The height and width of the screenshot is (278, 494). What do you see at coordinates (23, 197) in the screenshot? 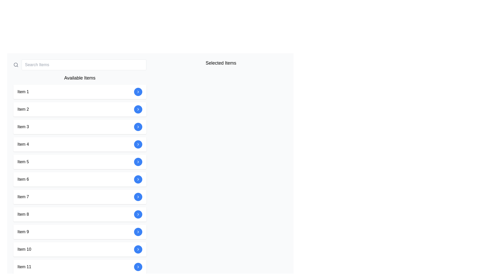
I see `text label that identifies the content of the card as 'Item 7', located in the vertical list of items` at bounding box center [23, 197].